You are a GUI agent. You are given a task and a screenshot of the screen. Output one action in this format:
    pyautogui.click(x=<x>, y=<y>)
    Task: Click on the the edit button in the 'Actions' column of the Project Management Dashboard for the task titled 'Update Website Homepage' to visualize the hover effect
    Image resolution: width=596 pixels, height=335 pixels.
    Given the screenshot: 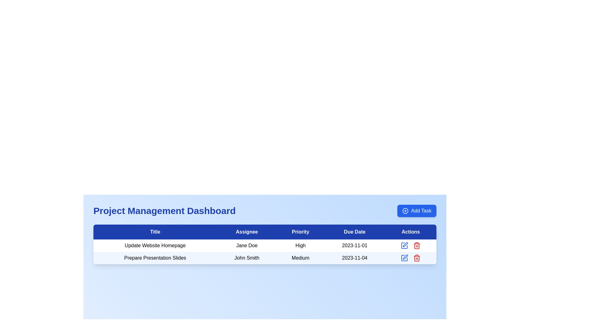 What is the action you would take?
    pyautogui.click(x=404, y=245)
    